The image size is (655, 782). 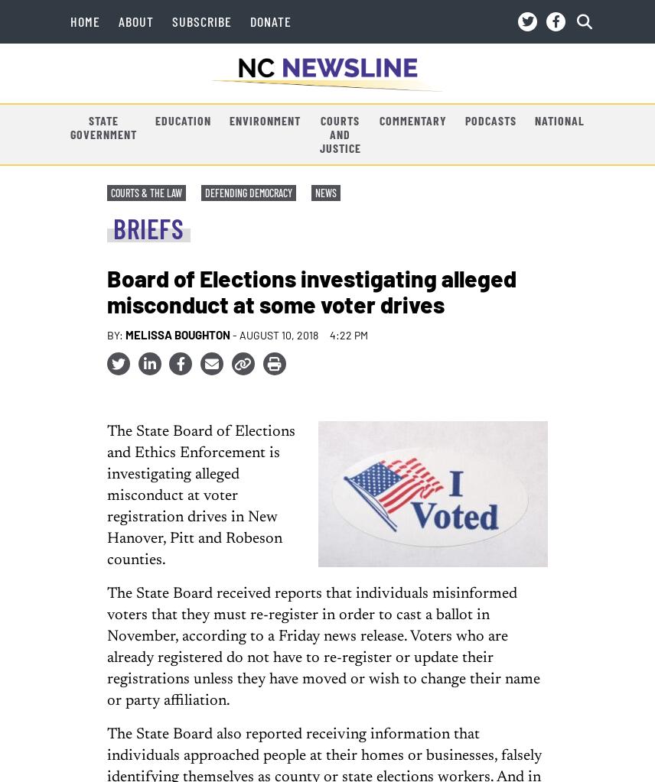 What do you see at coordinates (338, 534) in the screenshot?
I see `'Always ask voter registration workers to verify their identities and their organizations before providing any information. If an individual refuses to comply, do not provide any information and call the State Board office immediately at 919-814-0700. Ask for the Investigations Division.'` at bounding box center [338, 534].